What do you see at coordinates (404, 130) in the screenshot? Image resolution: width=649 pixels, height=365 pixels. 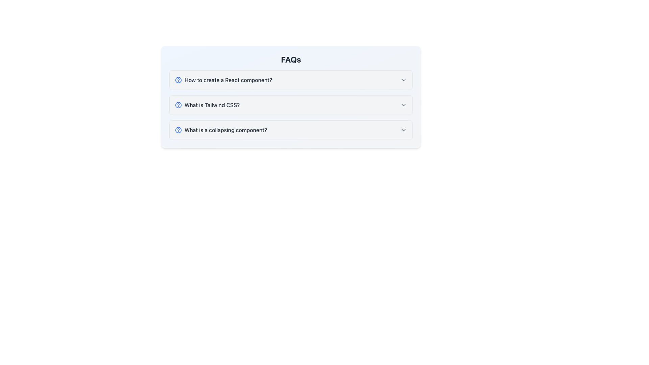 I see `the SVG Icon located to the right of the text 'What is a collapsing component?'` at bounding box center [404, 130].